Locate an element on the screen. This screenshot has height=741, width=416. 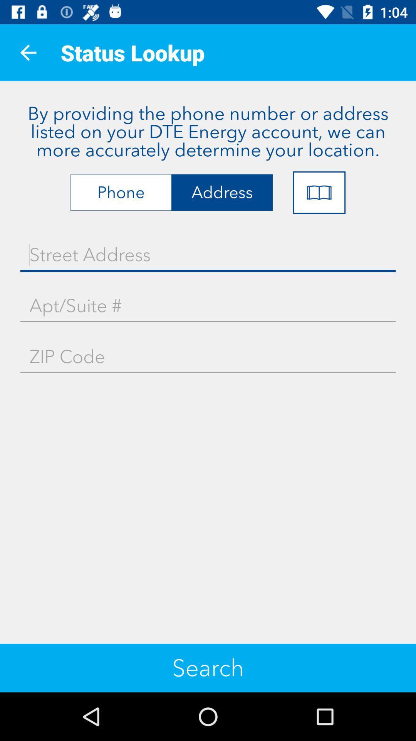
app to the left of the status lookup is located at coordinates (28, 52).